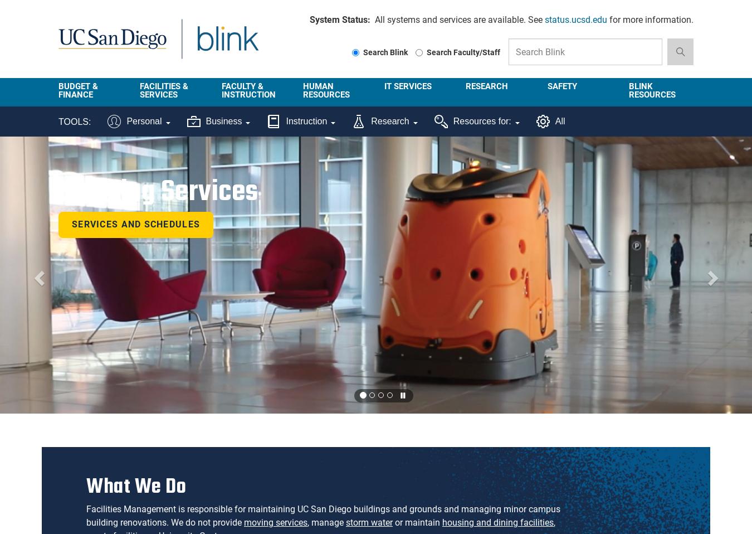  I want to click on 'Personal', so click(125, 120).